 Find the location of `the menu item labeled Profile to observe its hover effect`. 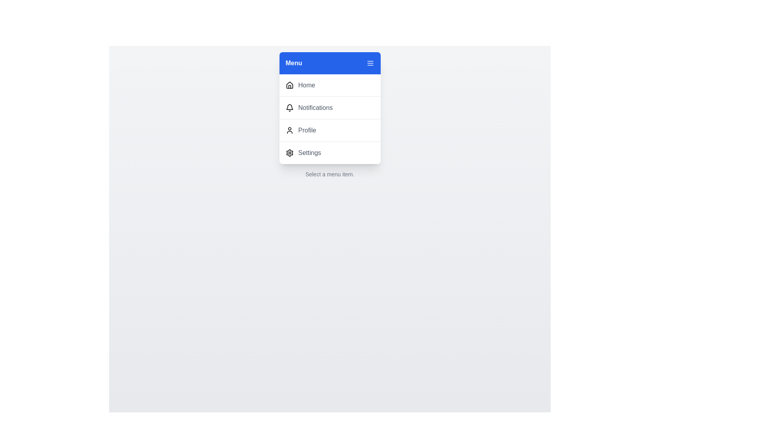

the menu item labeled Profile to observe its hover effect is located at coordinates (330, 130).